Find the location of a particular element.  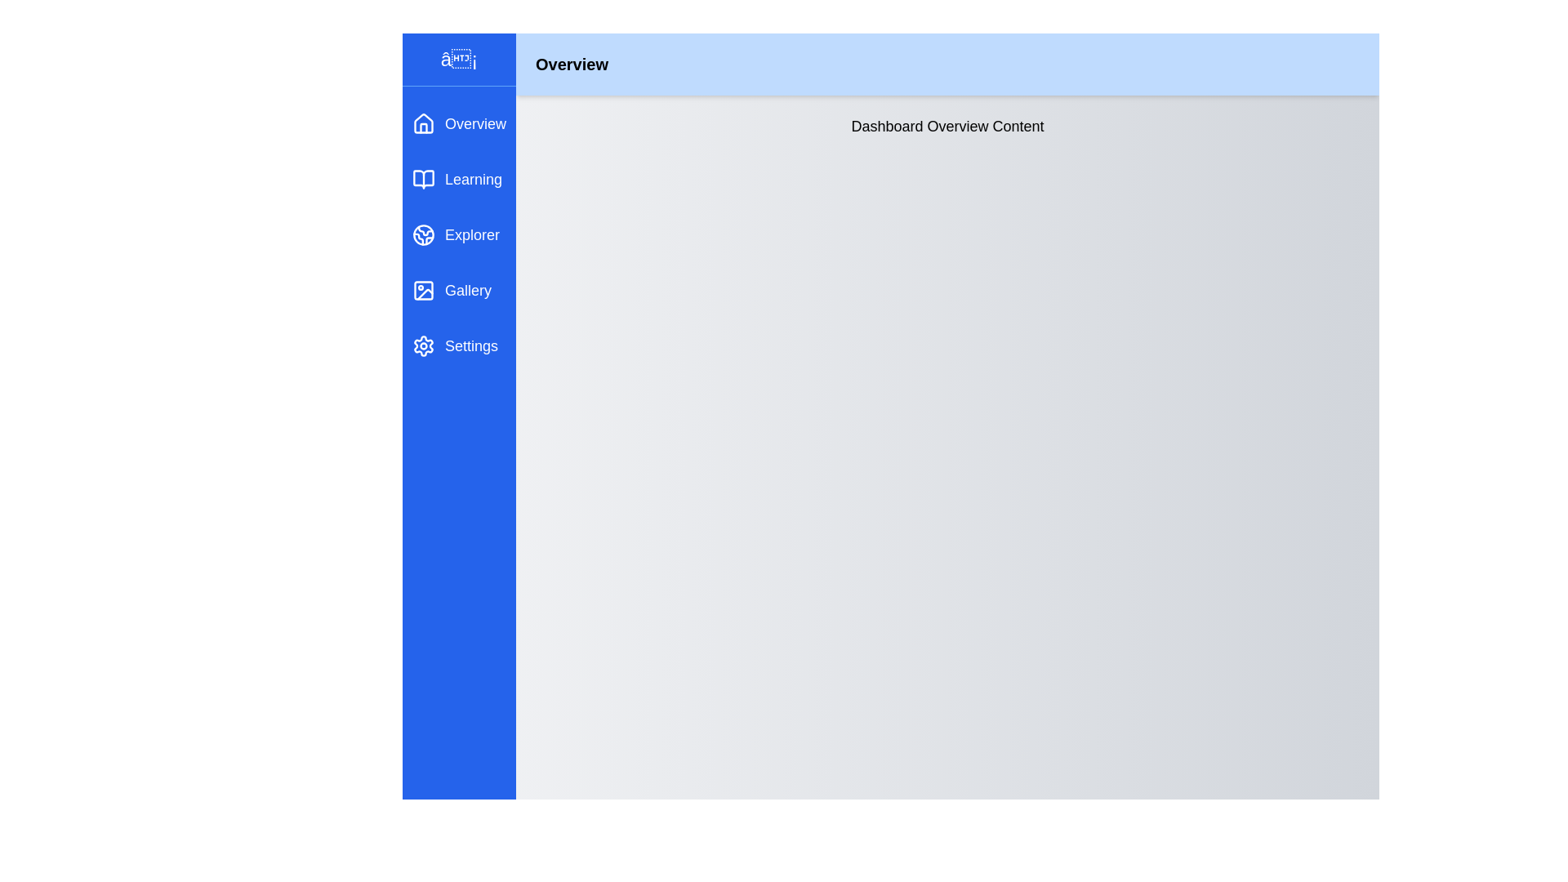

the 'Explorer' text label located in the vertical navigation bar, which is the third interactive list item, positioned below 'Learning' and above 'Gallery' is located at coordinates (471, 235).